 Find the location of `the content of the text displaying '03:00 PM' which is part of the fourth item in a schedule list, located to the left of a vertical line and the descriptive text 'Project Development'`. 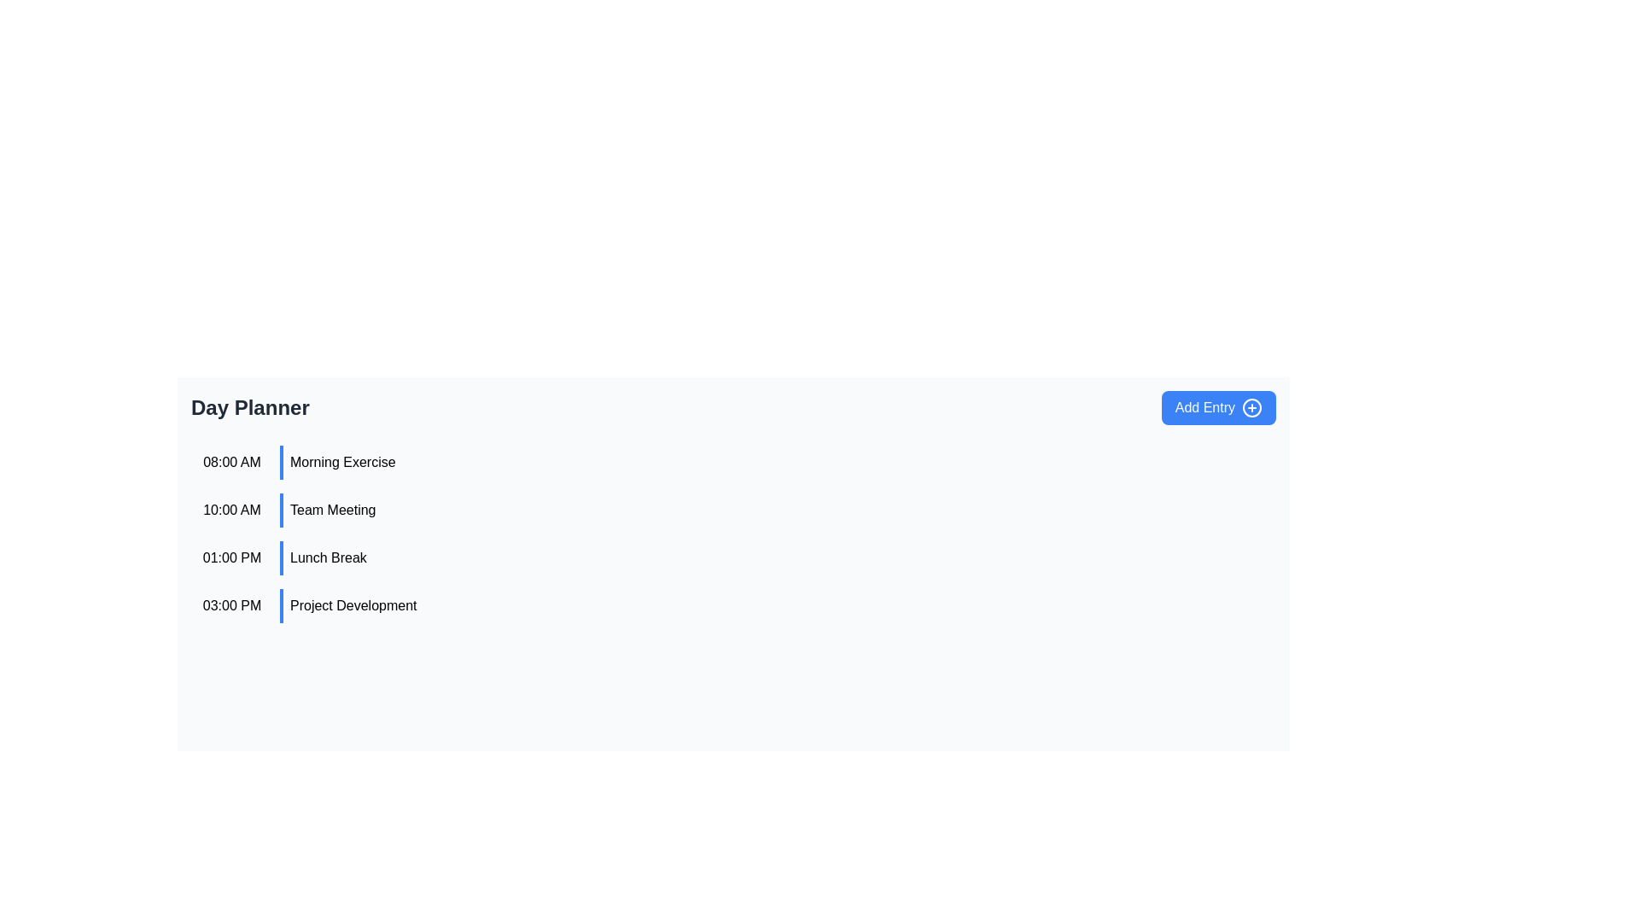

the content of the text displaying '03:00 PM' which is part of the fourth item in a schedule list, located to the left of a vertical line and the descriptive text 'Project Development' is located at coordinates (231, 604).